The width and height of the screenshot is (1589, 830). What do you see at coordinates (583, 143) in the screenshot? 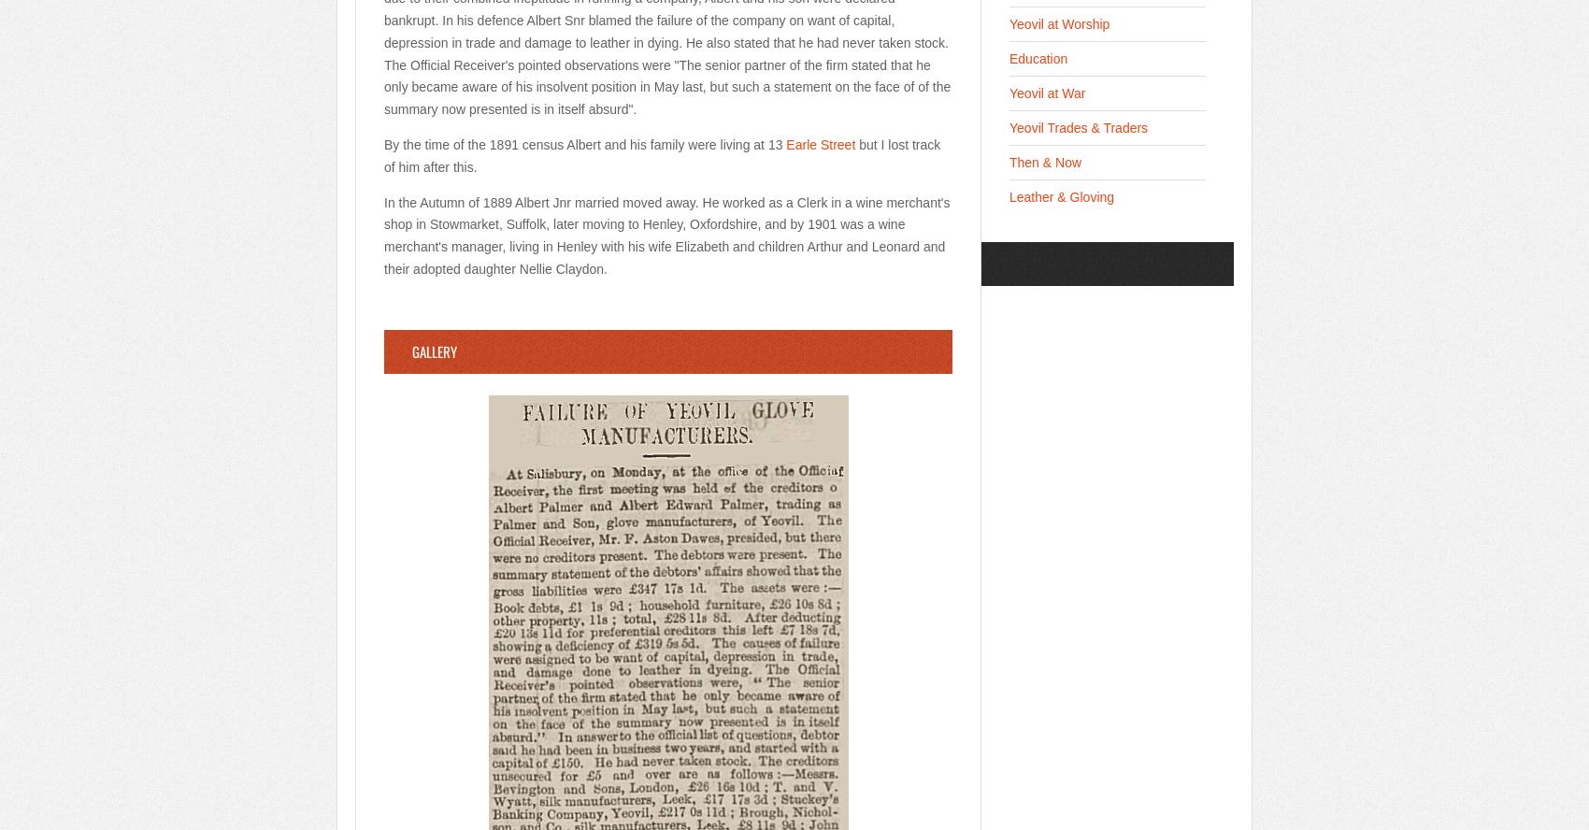
I see `'By the time of 
																the 1891 census 
																Albert and his 
																family were 
																living at 13'` at bounding box center [583, 143].